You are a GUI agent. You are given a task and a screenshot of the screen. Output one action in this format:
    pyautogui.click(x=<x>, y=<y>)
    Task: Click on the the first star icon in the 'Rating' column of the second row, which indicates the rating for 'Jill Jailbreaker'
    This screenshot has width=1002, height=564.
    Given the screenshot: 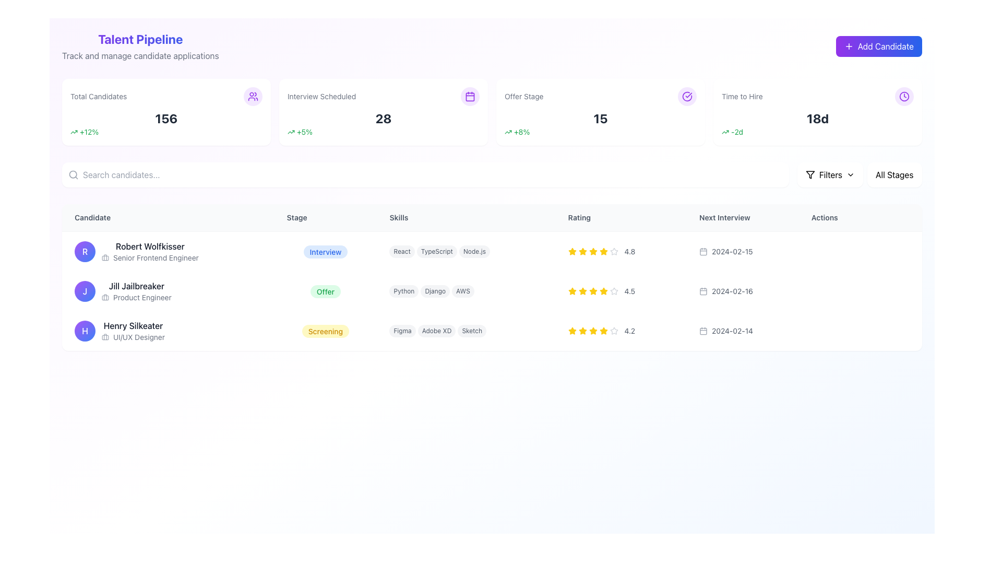 What is the action you would take?
    pyautogui.click(x=571, y=291)
    